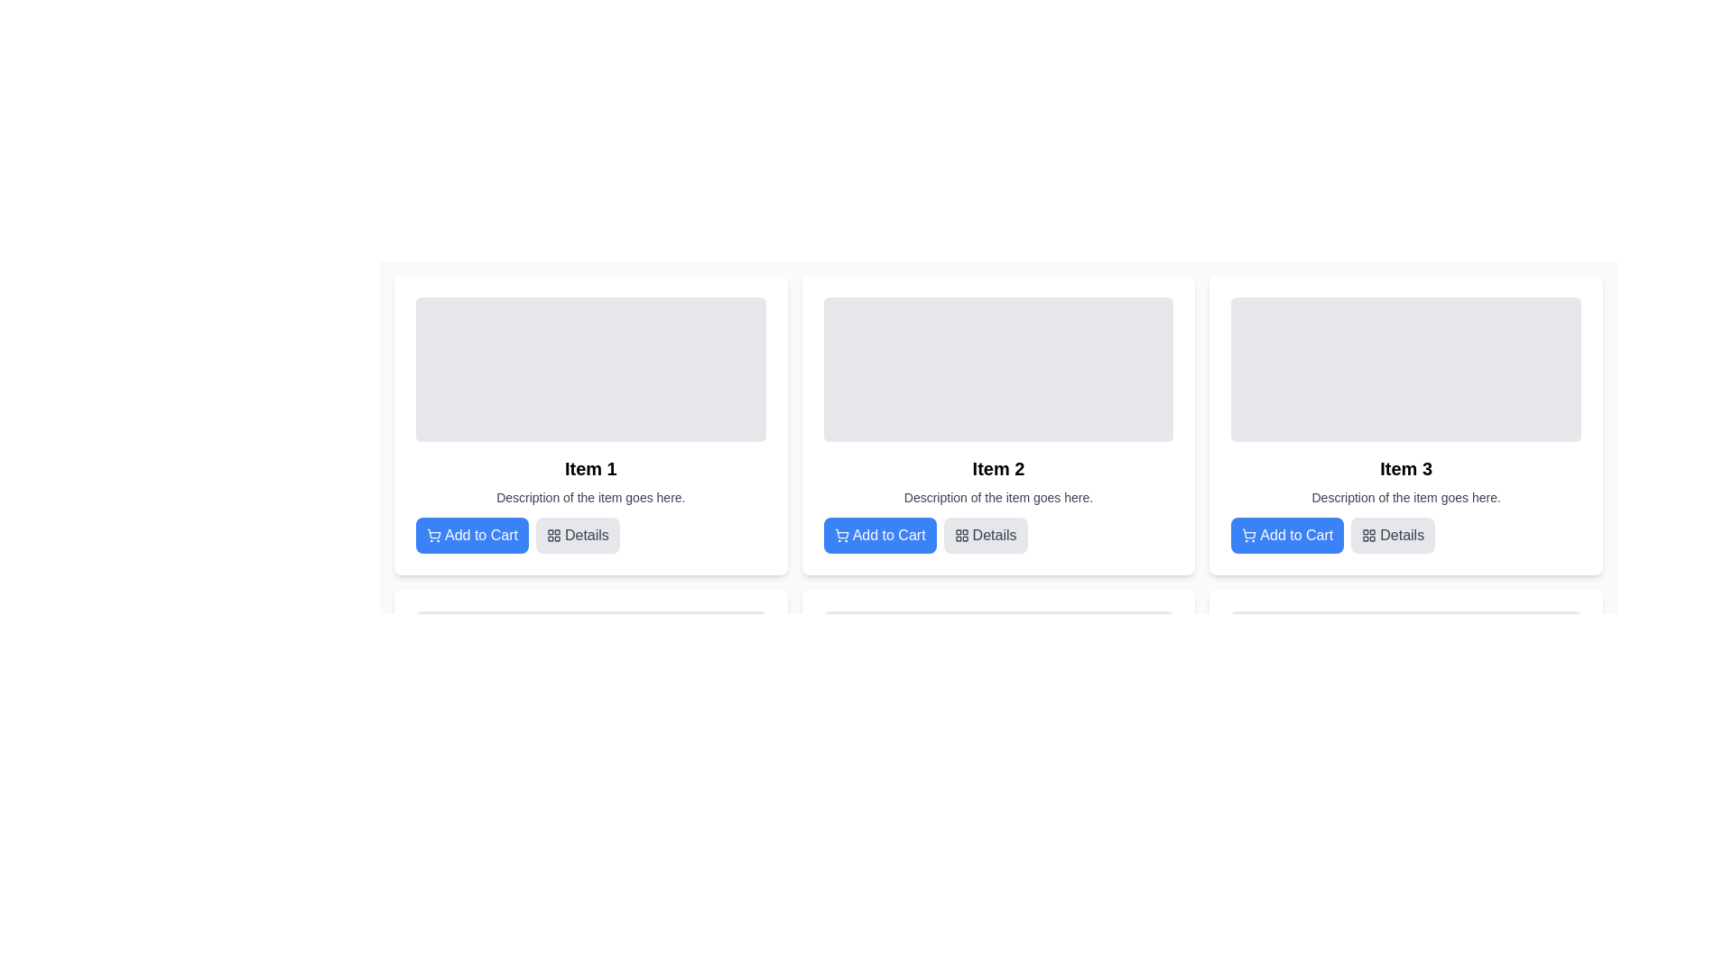  What do you see at coordinates (433, 535) in the screenshot?
I see `the shopping cart icon located to the left of the 'Add to Cart' button` at bounding box center [433, 535].